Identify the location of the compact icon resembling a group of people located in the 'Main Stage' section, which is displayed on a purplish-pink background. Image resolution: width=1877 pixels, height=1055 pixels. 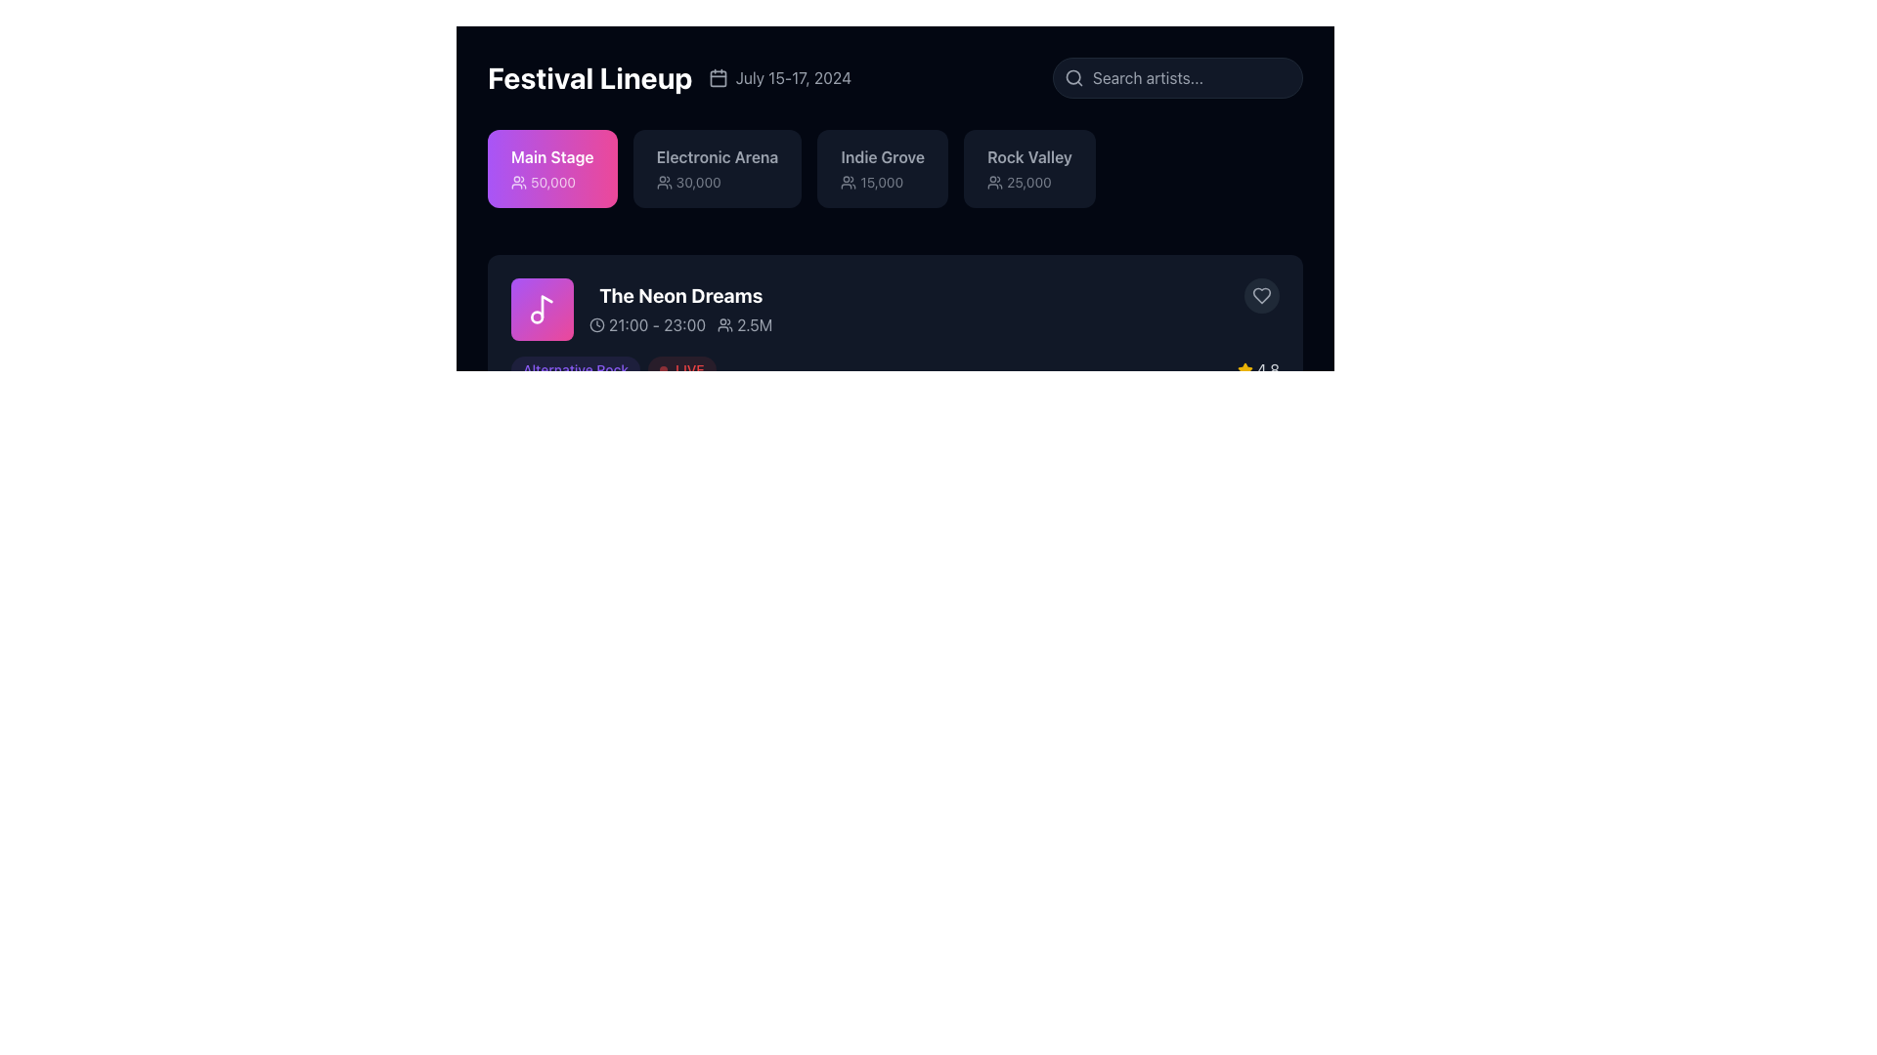
(519, 182).